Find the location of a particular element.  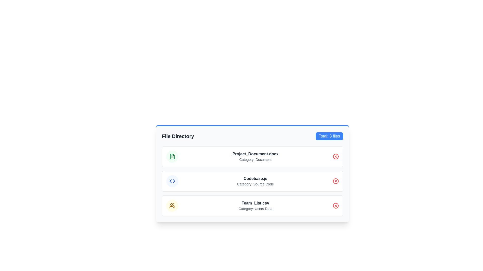

the delete button located at the right end of the row containing 'Codebase.js' in the file directory is located at coordinates (336, 181).